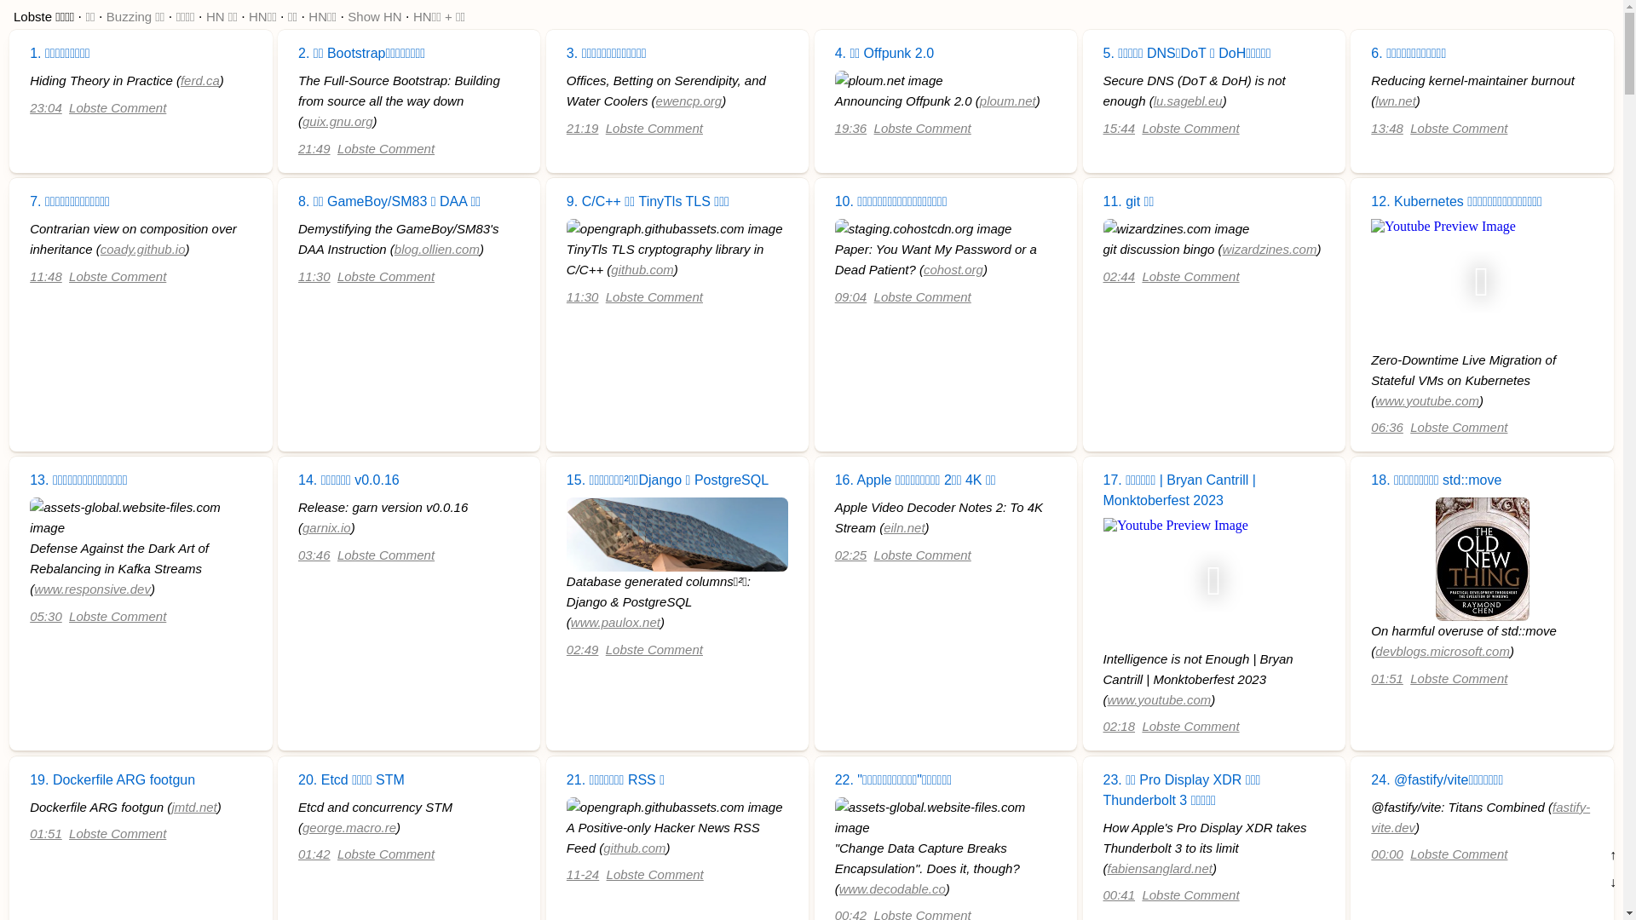 The image size is (1636, 920). Describe the element at coordinates (923, 268) in the screenshot. I see `'cohost.org'` at that location.